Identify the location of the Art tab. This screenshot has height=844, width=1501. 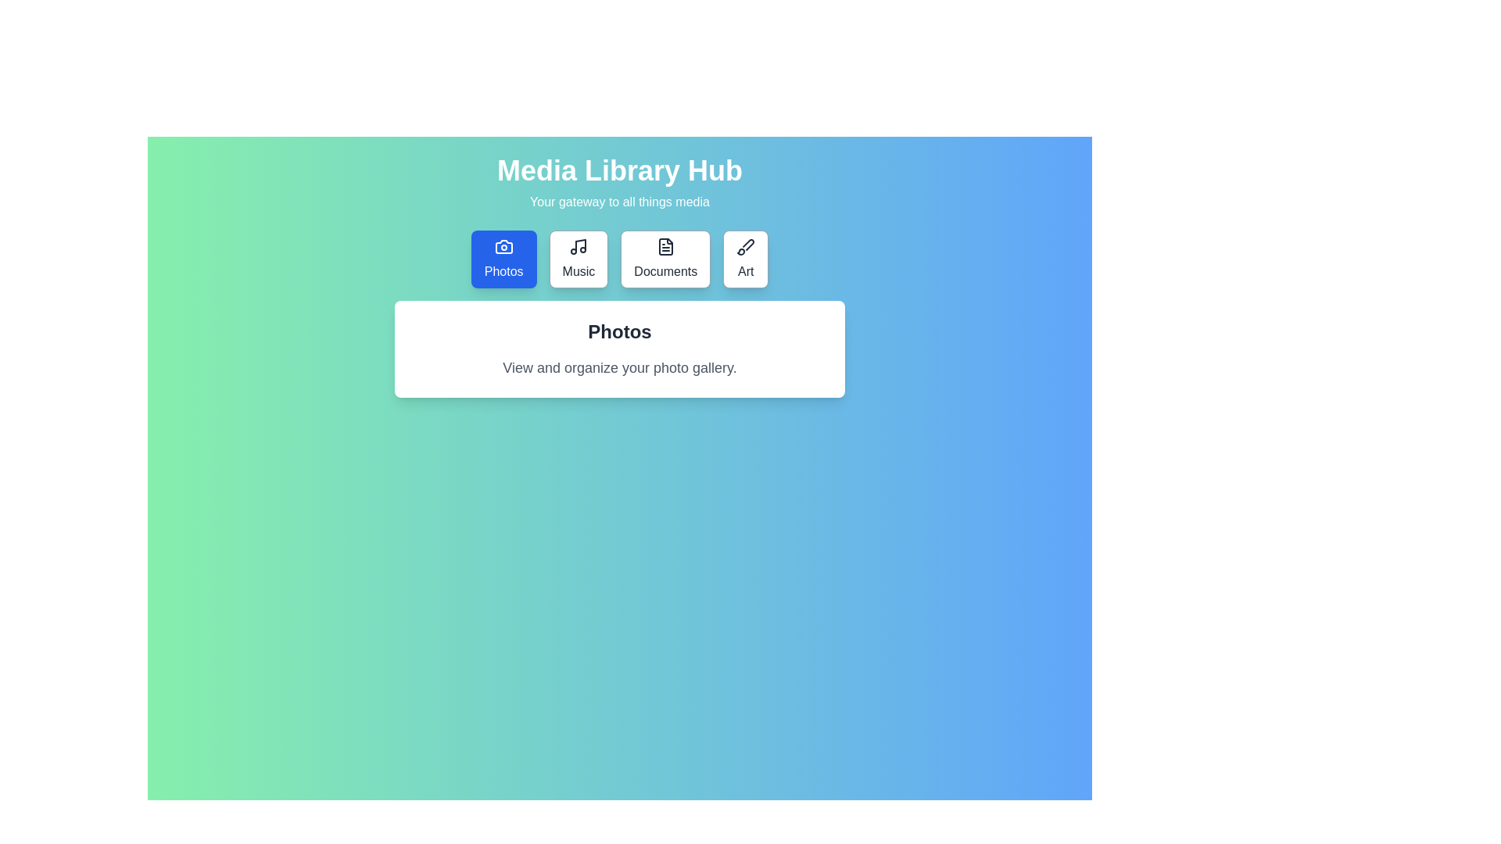
(745, 258).